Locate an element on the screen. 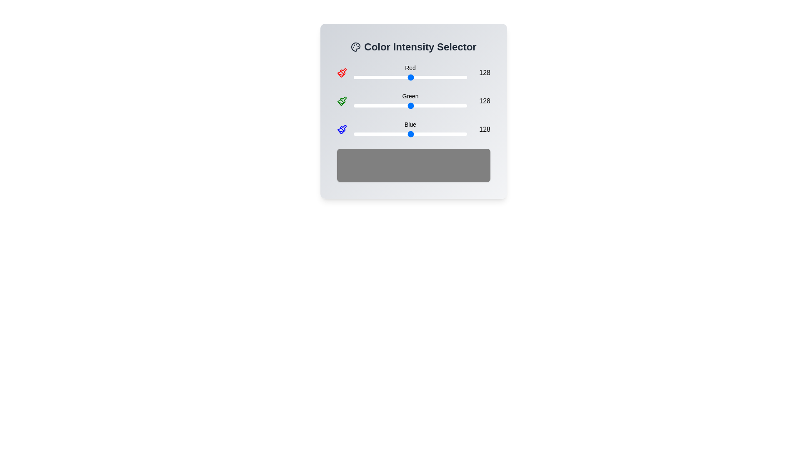  the green color intensity is located at coordinates (451, 105).